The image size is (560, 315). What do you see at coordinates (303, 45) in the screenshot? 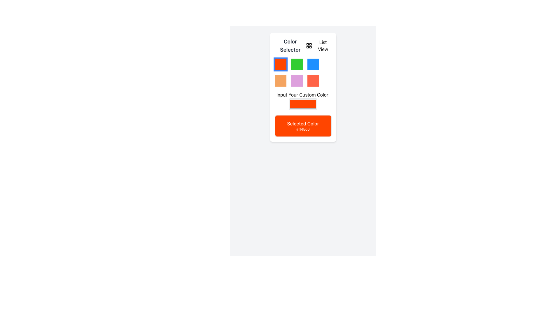
I see `the 'List View' button located next to the 'Color Selector' label` at bounding box center [303, 45].